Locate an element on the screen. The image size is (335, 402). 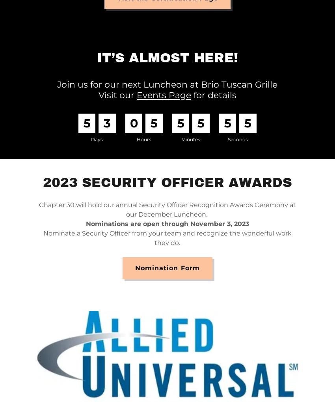
'2023 Security Officer Awards' is located at coordinates (167, 182).